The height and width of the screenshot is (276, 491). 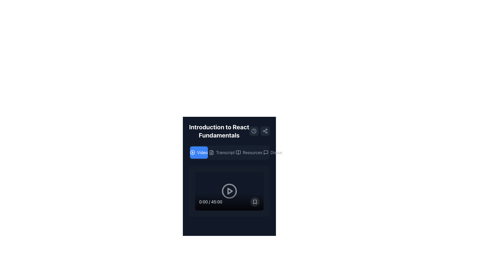 What do you see at coordinates (255, 201) in the screenshot?
I see `the Bookmark Icon button located in the bottom right corner of the video thumbnail to bookmark the content` at bounding box center [255, 201].